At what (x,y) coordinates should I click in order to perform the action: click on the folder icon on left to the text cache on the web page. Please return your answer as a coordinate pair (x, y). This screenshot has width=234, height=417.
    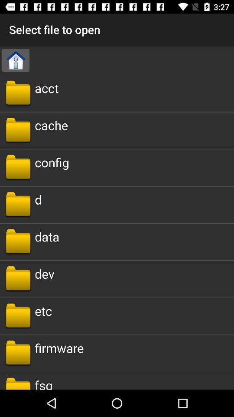
    Looking at the image, I should click on (18, 130).